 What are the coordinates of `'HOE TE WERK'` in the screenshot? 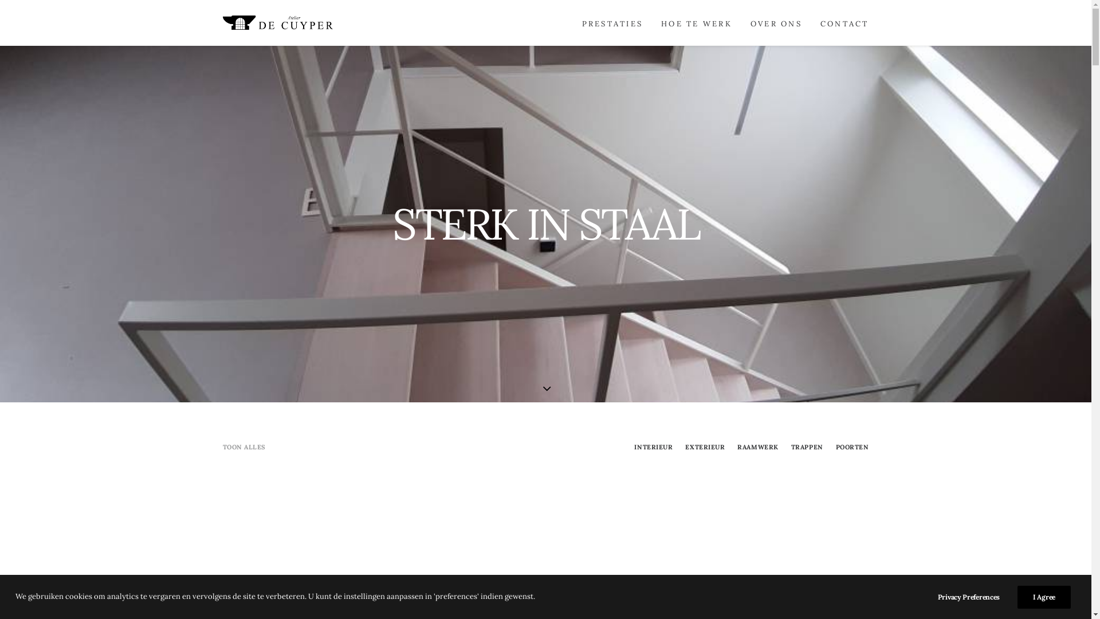 It's located at (696, 22).